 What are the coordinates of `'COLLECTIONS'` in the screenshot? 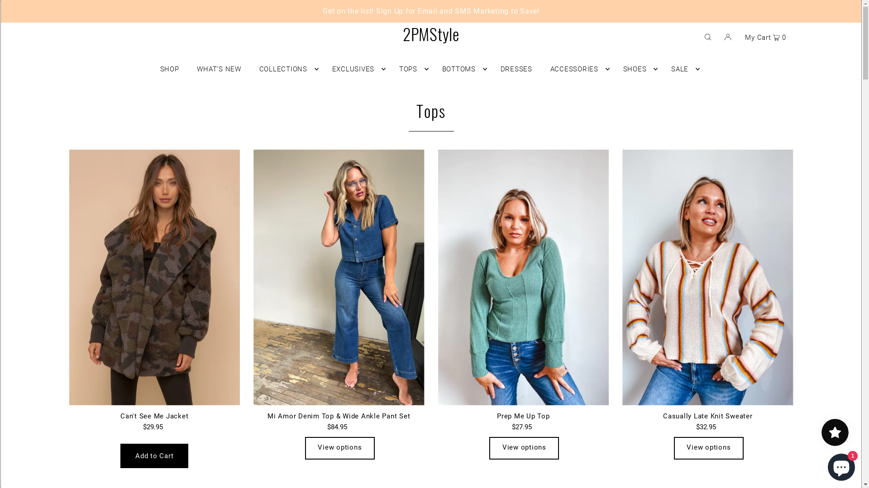 It's located at (254, 69).